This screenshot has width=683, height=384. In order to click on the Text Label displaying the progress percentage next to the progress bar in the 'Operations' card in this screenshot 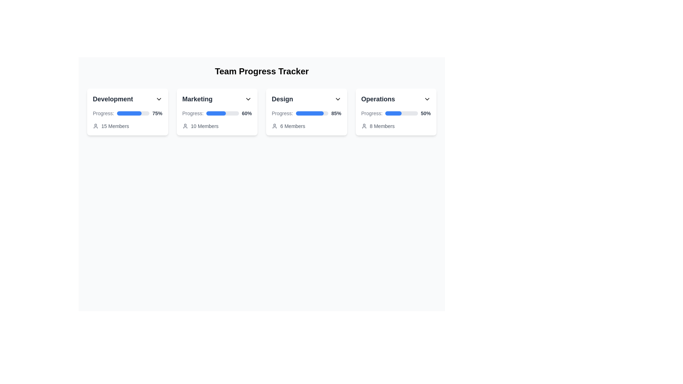, I will do `click(425, 113)`.